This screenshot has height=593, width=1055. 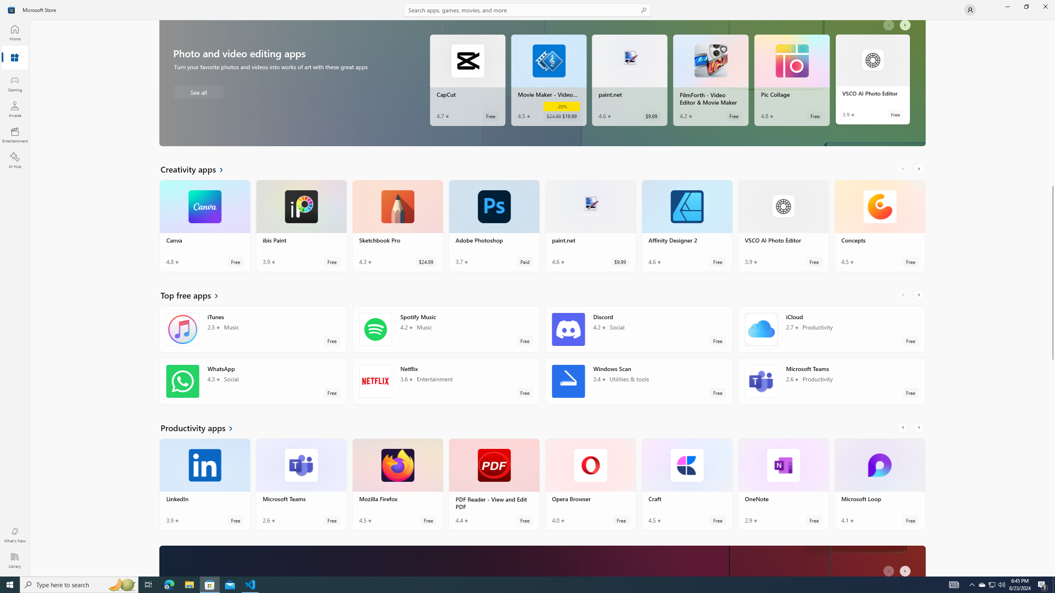 What do you see at coordinates (205, 225) in the screenshot?
I see `'Canva. Average rating of 4.8 out of five stars. Free  '` at bounding box center [205, 225].